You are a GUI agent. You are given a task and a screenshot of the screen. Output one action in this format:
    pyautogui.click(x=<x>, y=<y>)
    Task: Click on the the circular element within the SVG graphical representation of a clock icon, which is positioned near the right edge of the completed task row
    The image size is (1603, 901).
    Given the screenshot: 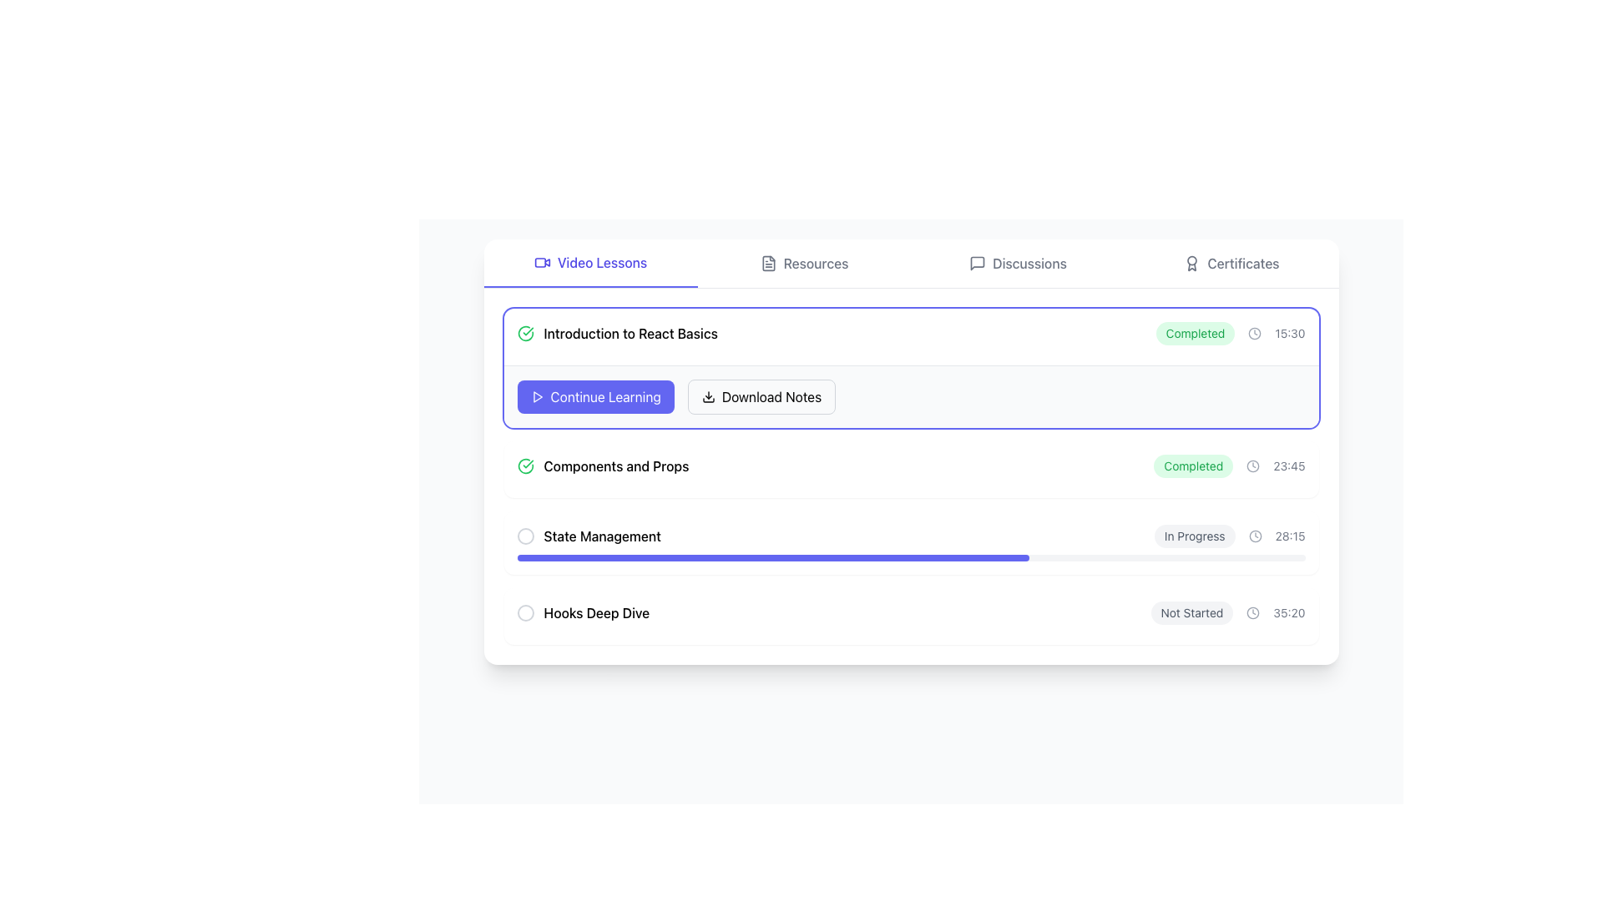 What is the action you would take?
    pyautogui.click(x=1255, y=334)
    